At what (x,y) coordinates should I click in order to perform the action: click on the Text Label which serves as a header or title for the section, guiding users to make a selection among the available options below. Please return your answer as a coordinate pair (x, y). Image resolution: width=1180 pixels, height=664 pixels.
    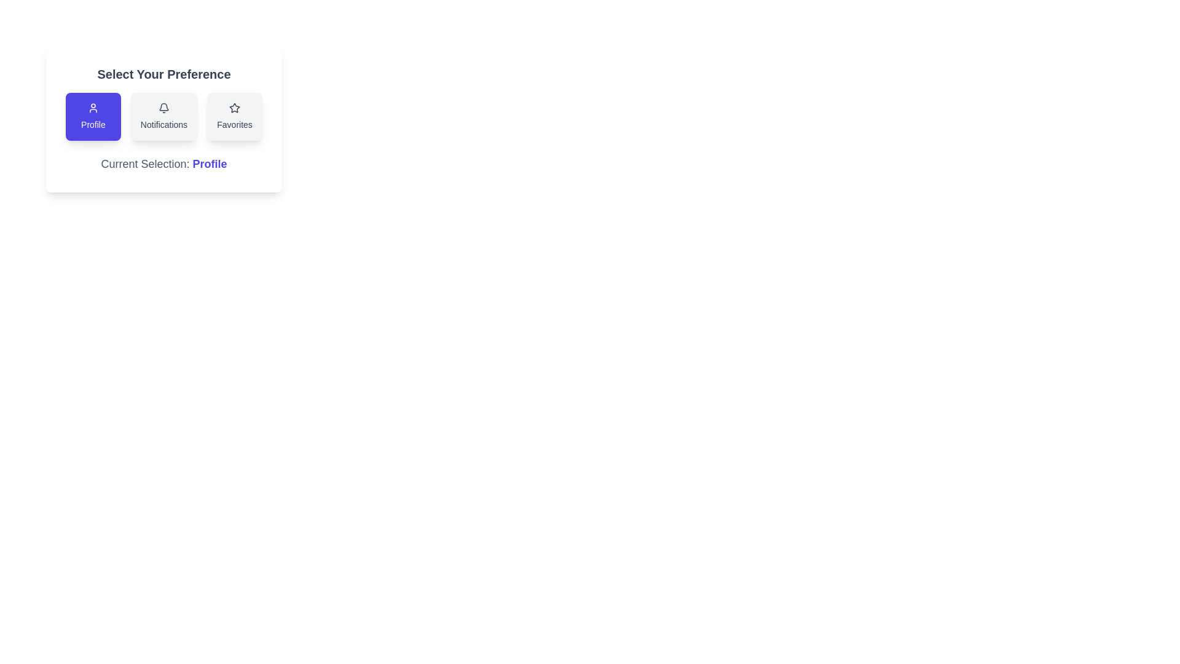
    Looking at the image, I should click on (163, 74).